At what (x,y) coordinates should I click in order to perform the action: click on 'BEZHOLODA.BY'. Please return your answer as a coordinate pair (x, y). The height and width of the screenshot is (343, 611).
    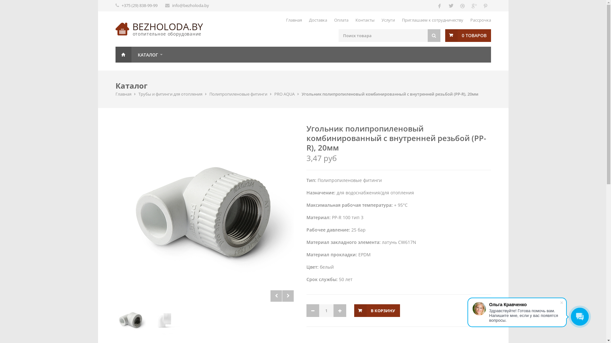
    Looking at the image, I should click on (168, 26).